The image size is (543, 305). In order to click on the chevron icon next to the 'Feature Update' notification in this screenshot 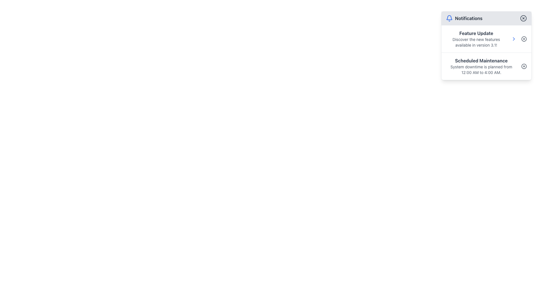, I will do `click(514, 39)`.